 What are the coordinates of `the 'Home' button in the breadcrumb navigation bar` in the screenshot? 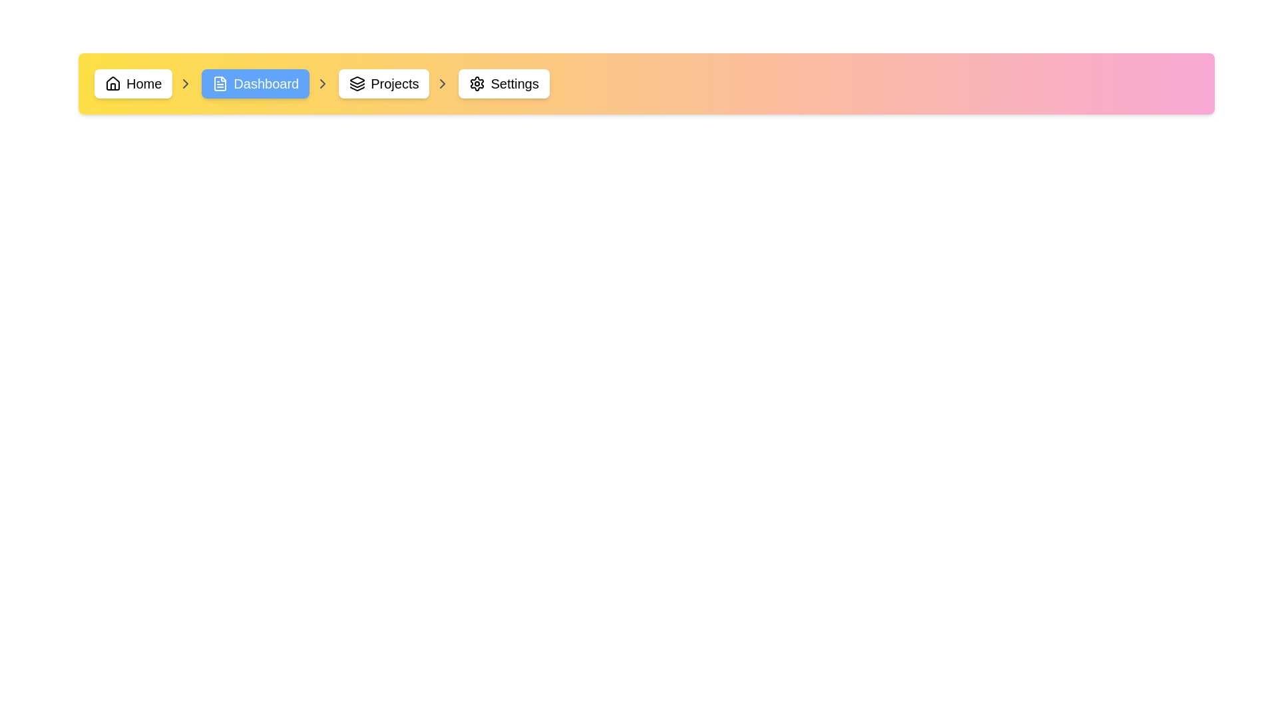 It's located at (133, 84).